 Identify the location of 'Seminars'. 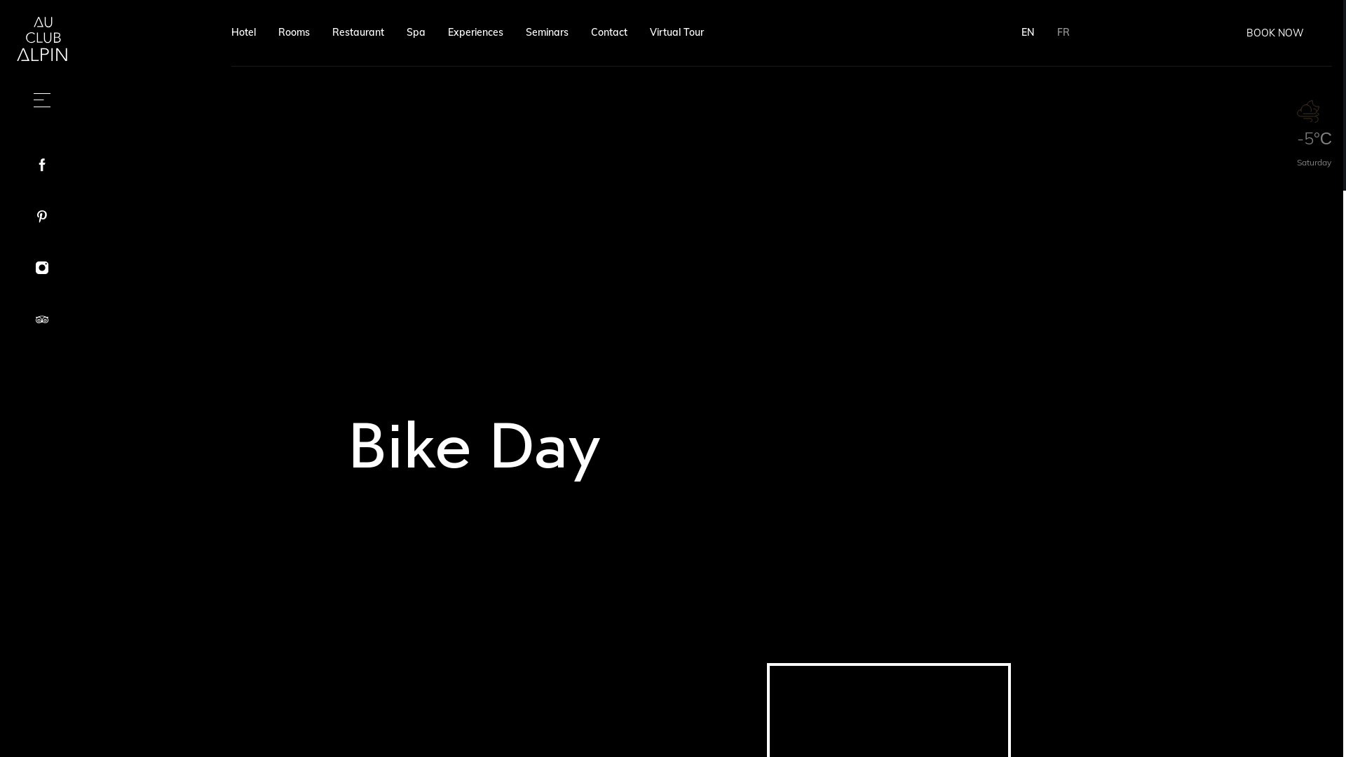
(546, 32).